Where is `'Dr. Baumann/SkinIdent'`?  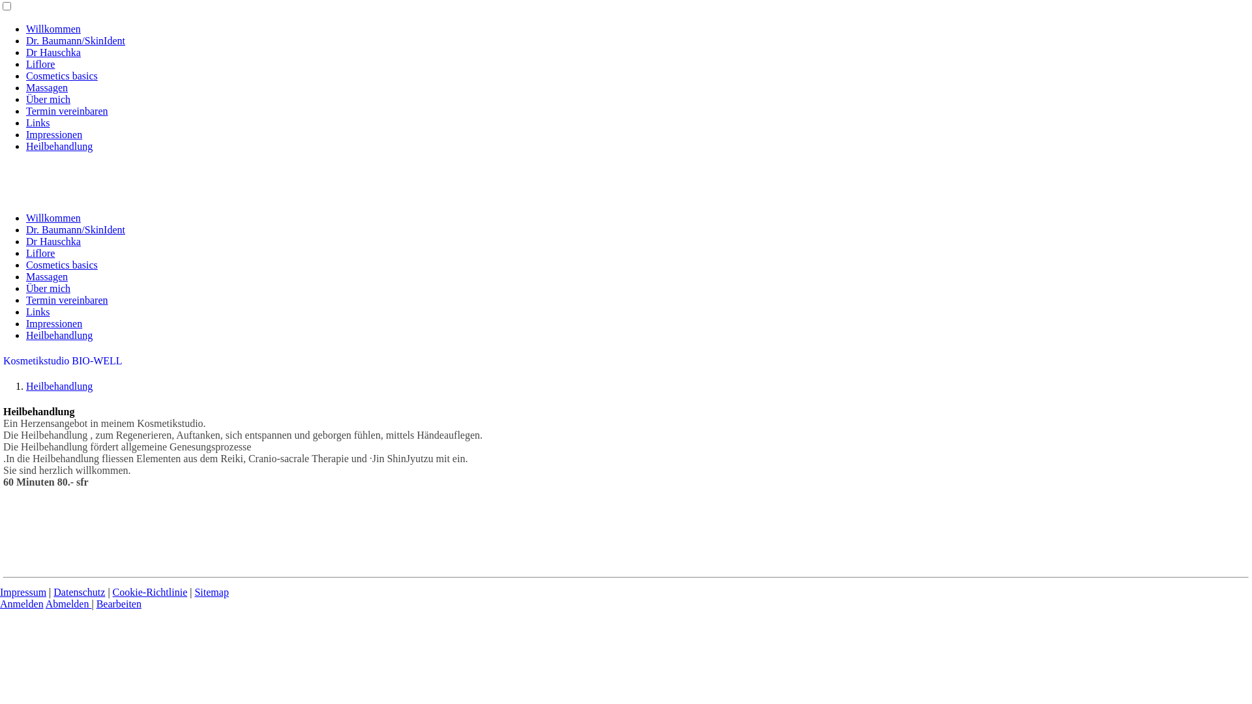
'Dr. Baumann/SkinIdent' is located at coordinates (25, 229).